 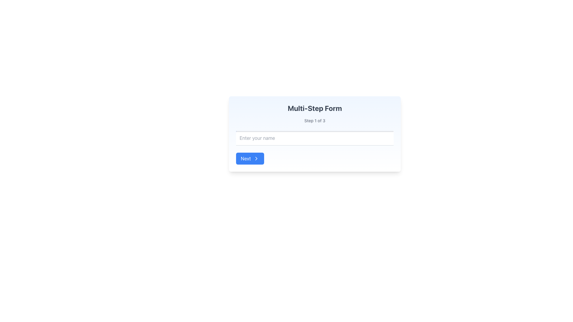 What do you see at coordinates (256, 158) in the screenshot?
I see `properties of the SVG Chevron icon located at the bottom-left of the form interface, which serves as a visual indicator for navigation or progression` at bounding box center [256, 158].